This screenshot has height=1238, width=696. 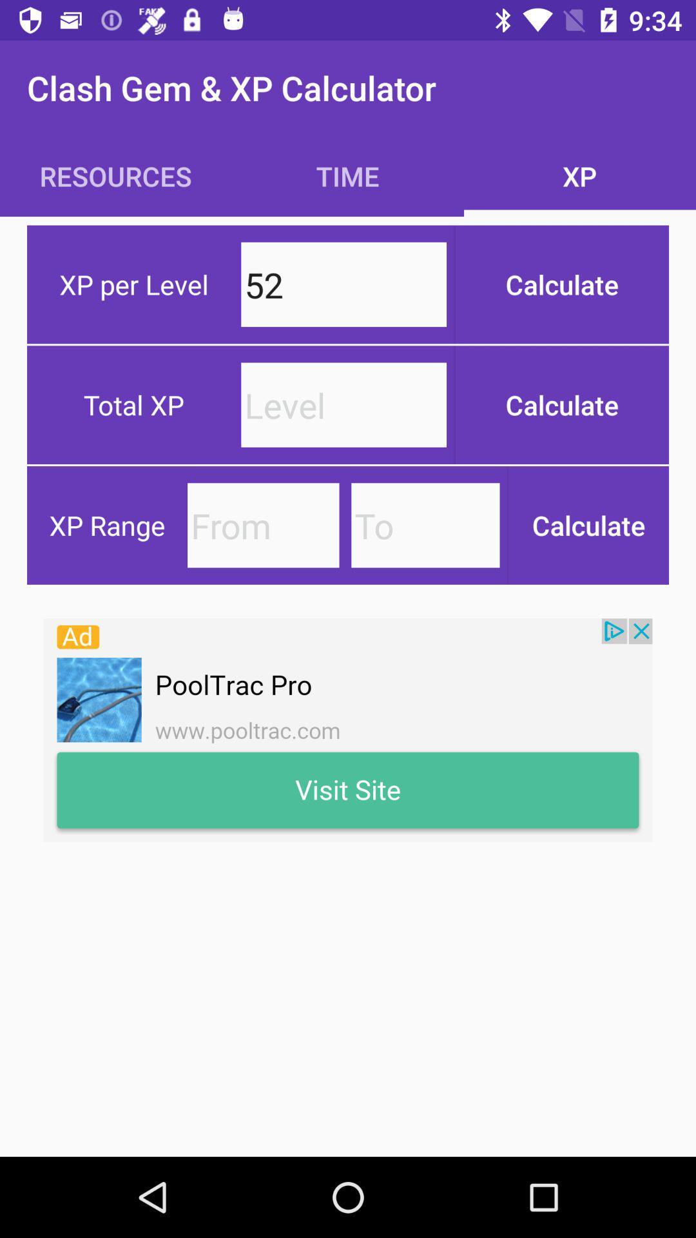 What do you see at coordinates (425, 525) in the screenshot?
I see `to option` at bounding box center [425, 525].